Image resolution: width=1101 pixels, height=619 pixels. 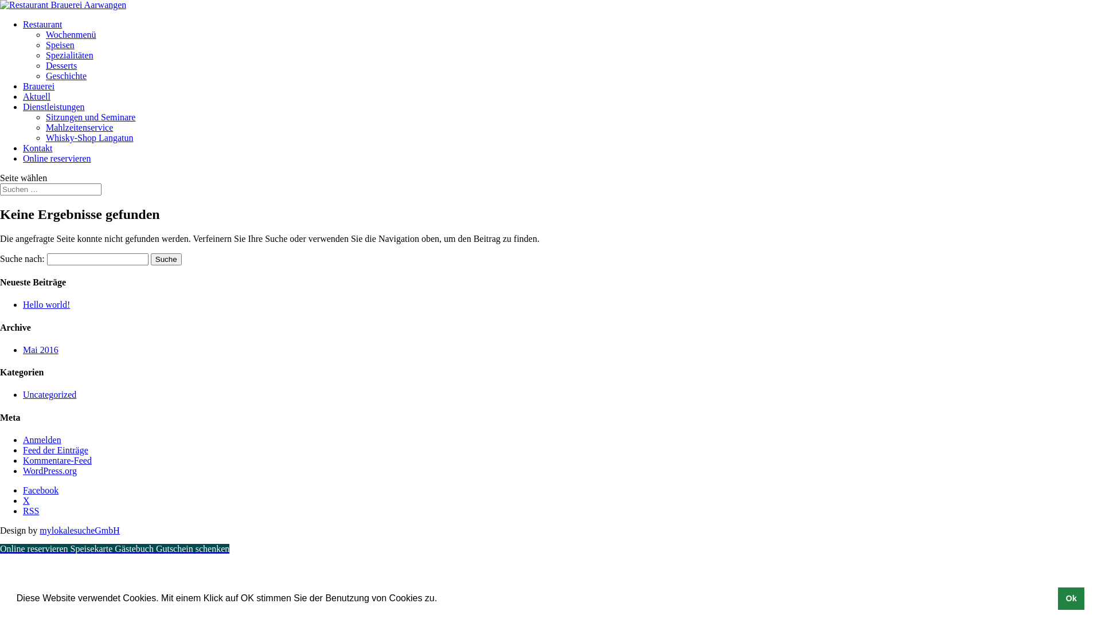 I want to click on 'Kontakt', so click(x=22, y=147).